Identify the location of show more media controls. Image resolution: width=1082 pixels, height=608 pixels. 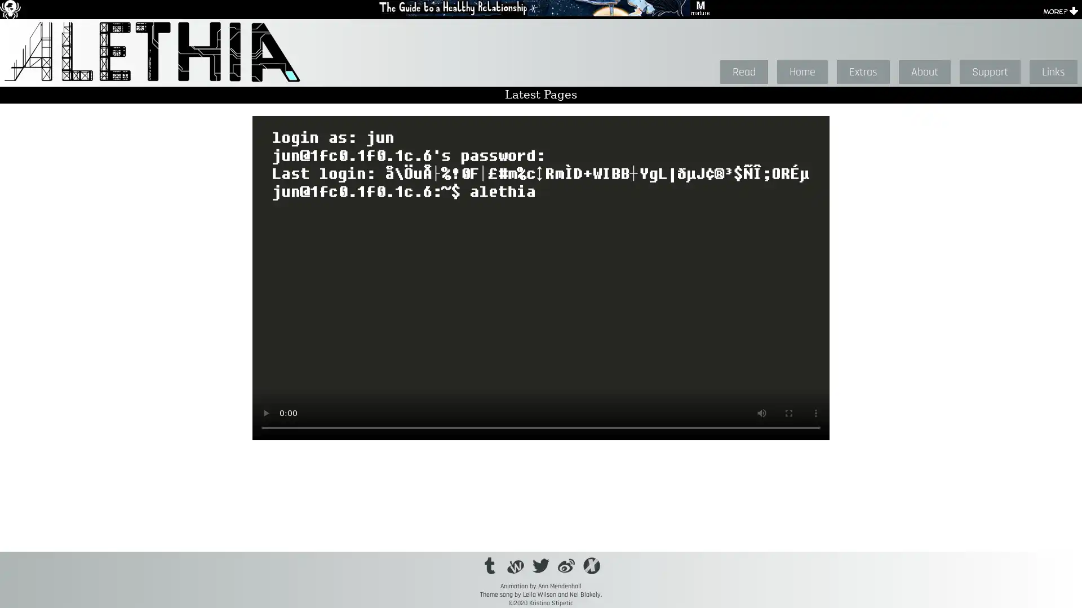
(816, 413).